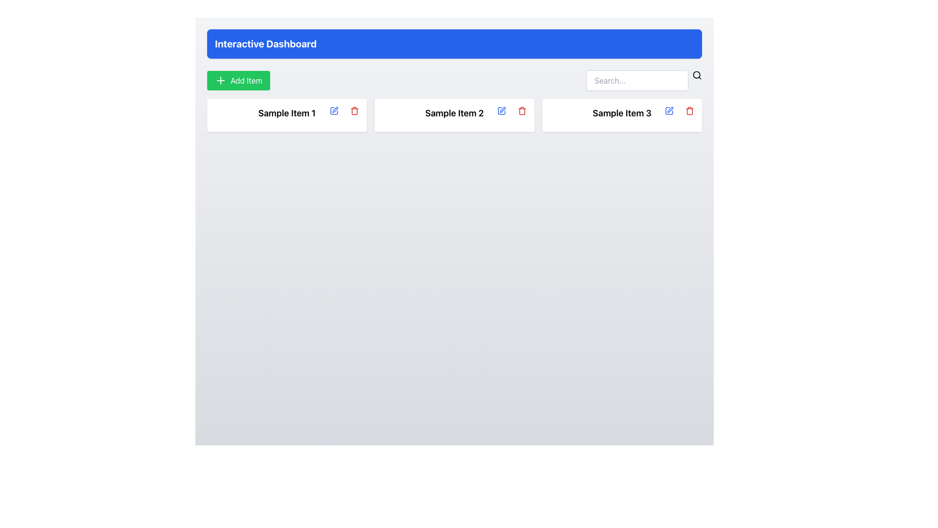  Describe the element at coordinates (668, 110) in the screenshot. I see `the pen and square icon located in the top-right corner of the 'Sample Item 3' card, which is the third card from the left` at that location.